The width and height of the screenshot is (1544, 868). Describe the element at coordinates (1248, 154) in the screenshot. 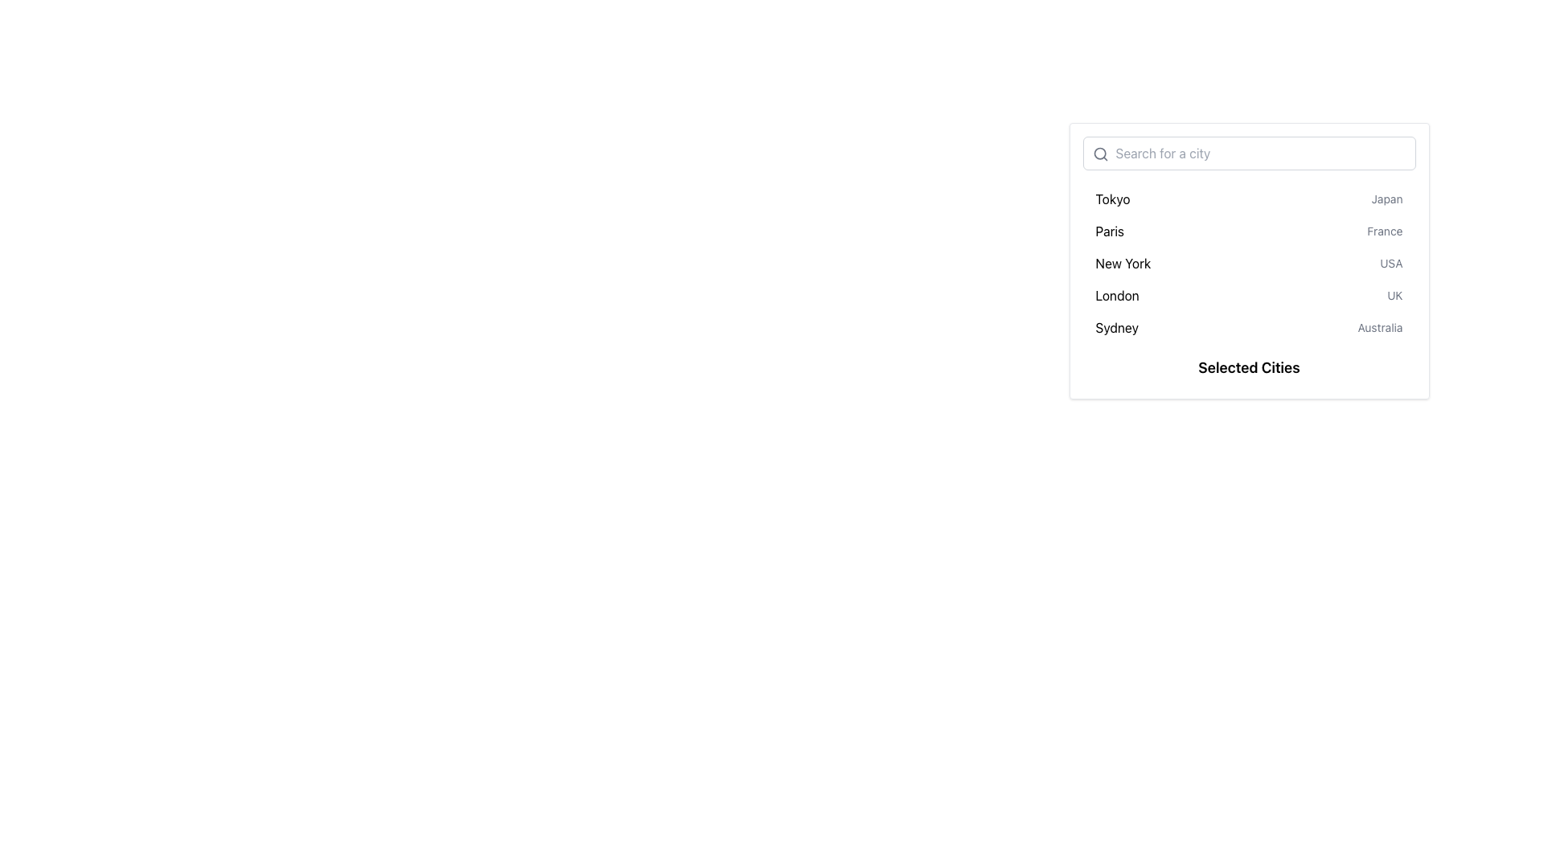

I see `the search bar input field to focus, allowing the user to type in search queries for specific cities` at that location.